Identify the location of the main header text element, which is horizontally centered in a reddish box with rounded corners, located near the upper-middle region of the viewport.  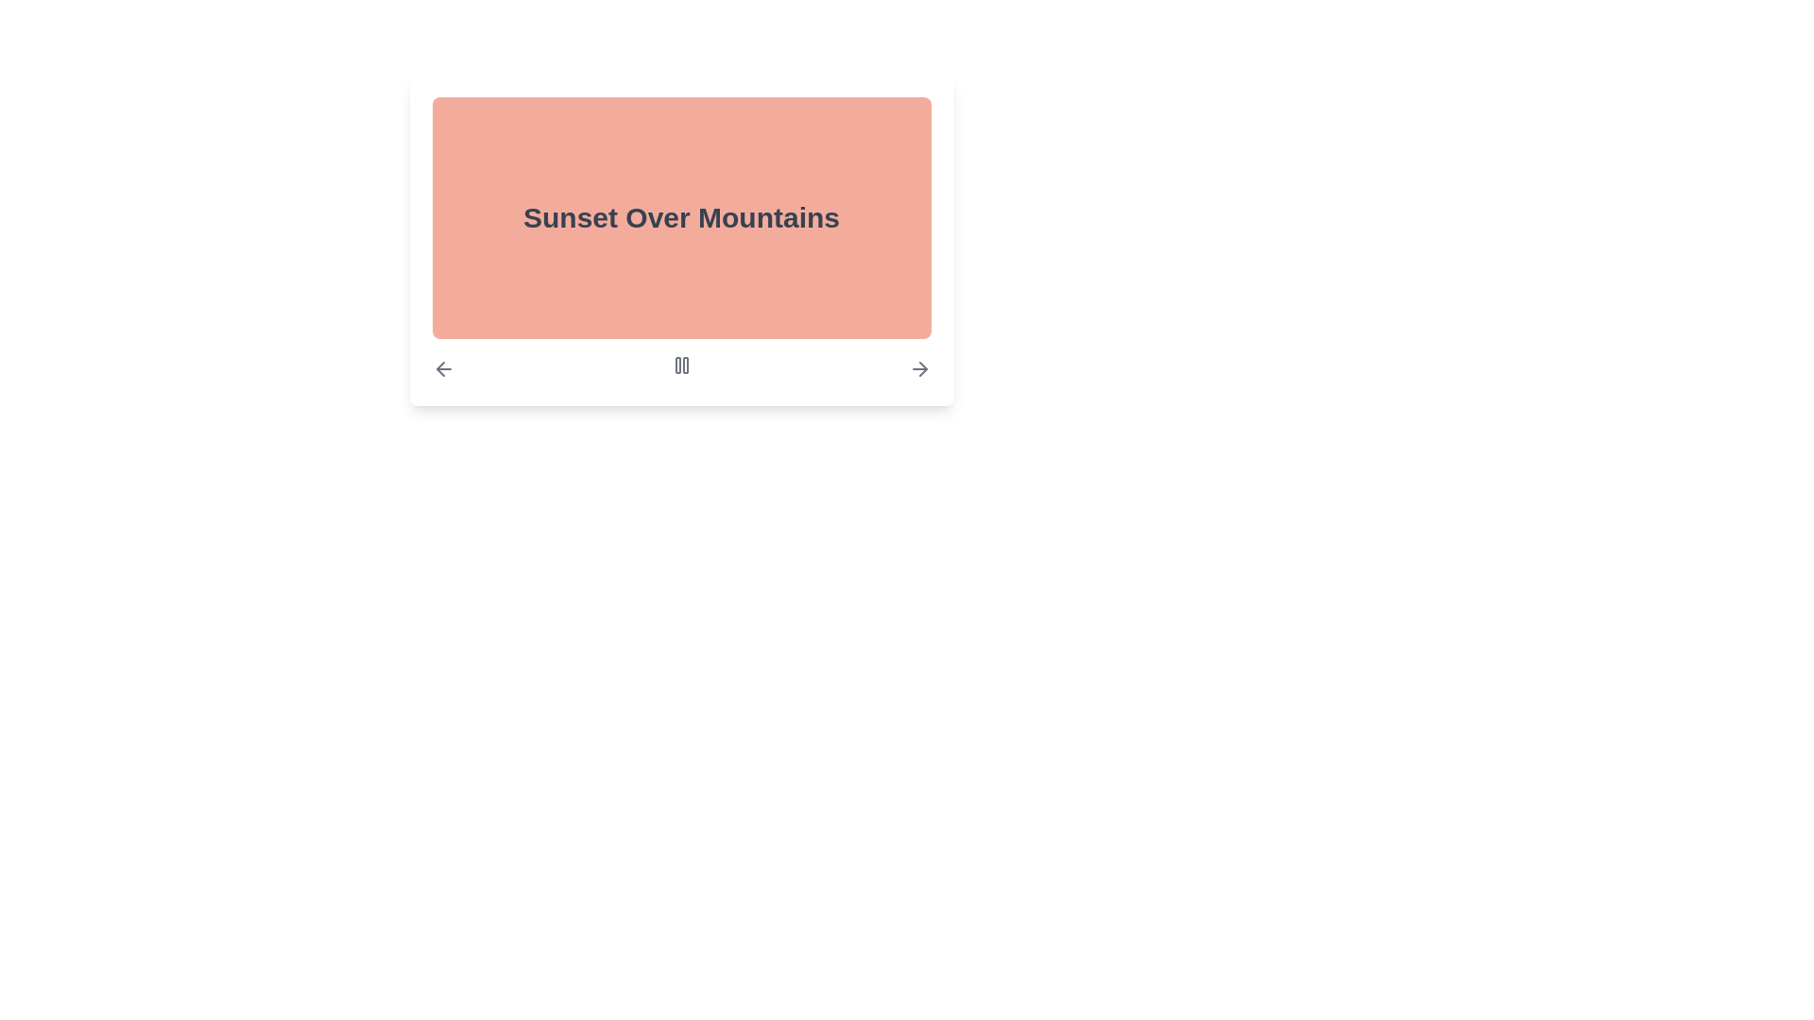
(680, 217).